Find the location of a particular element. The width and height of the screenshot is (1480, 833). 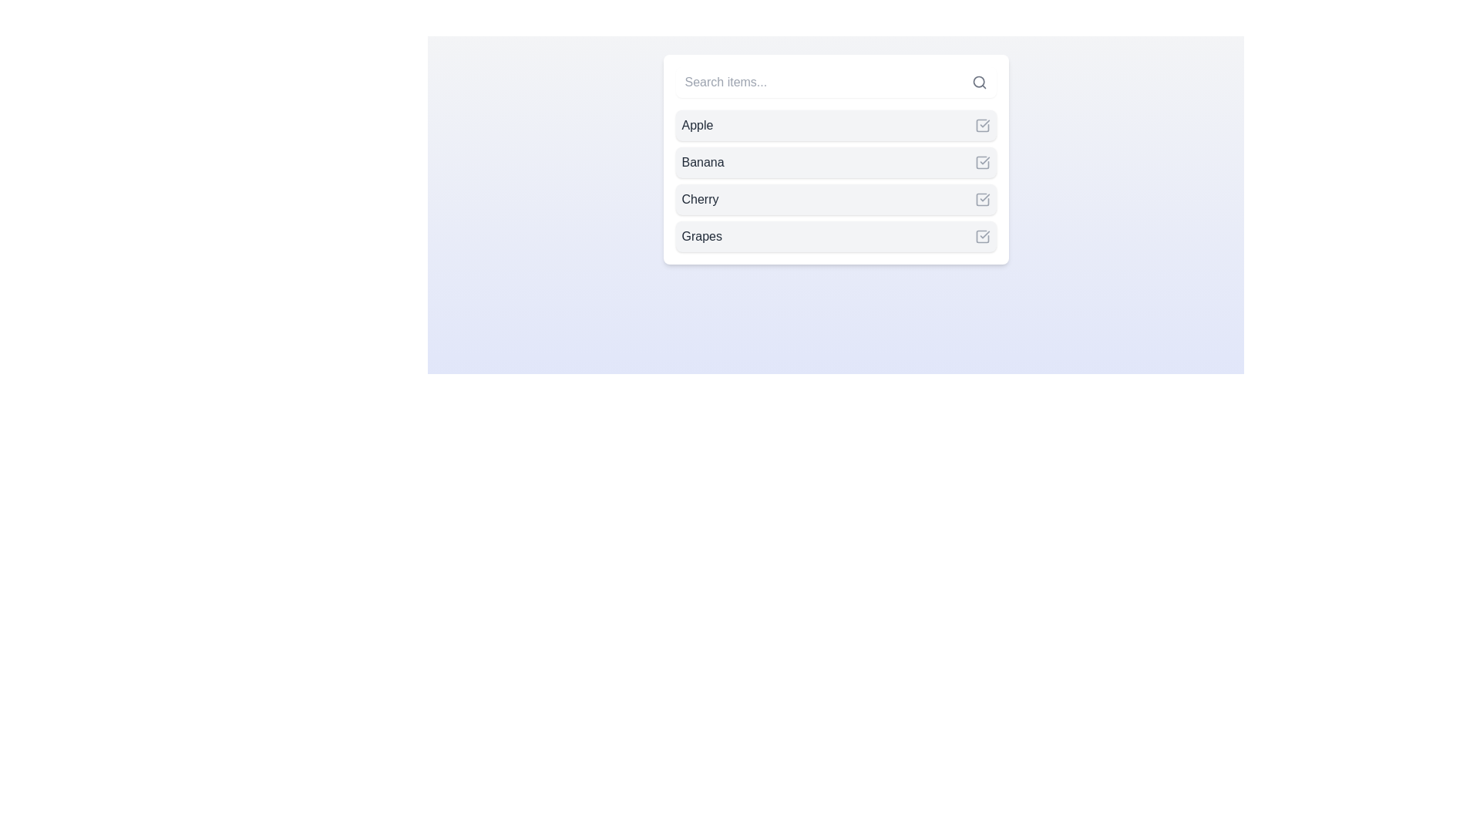

the text label that reads 'Apple' in the first row of the vertically aligned list is located at coordinates (696, 124).